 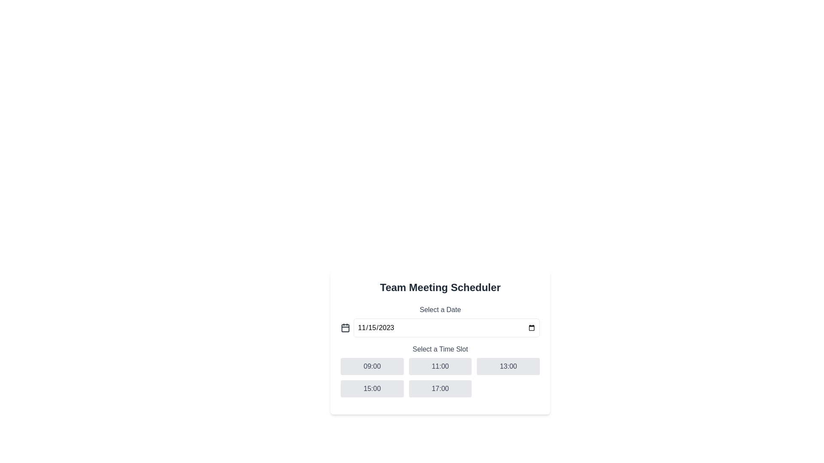 What do you see at coordinates (345, 328) in the screenshot?
I see `the calendar icon located to the left of the date input field to trigger tooltip or highlight effects` at bounding box center [345, 328].